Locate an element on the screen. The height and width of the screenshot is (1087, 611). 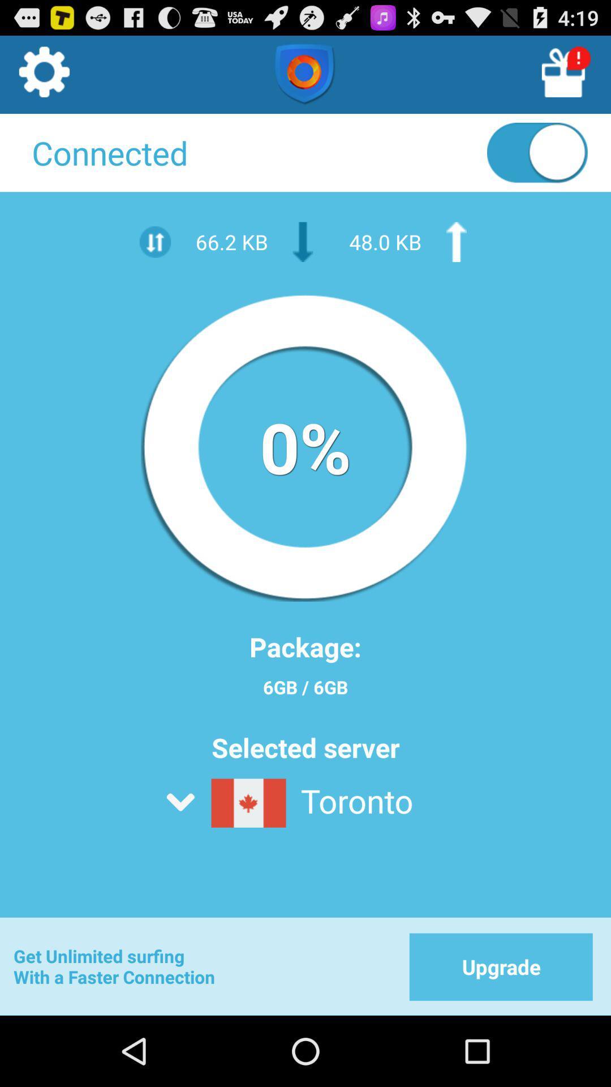
disconnect vpn is located at coordinates (536, 155).